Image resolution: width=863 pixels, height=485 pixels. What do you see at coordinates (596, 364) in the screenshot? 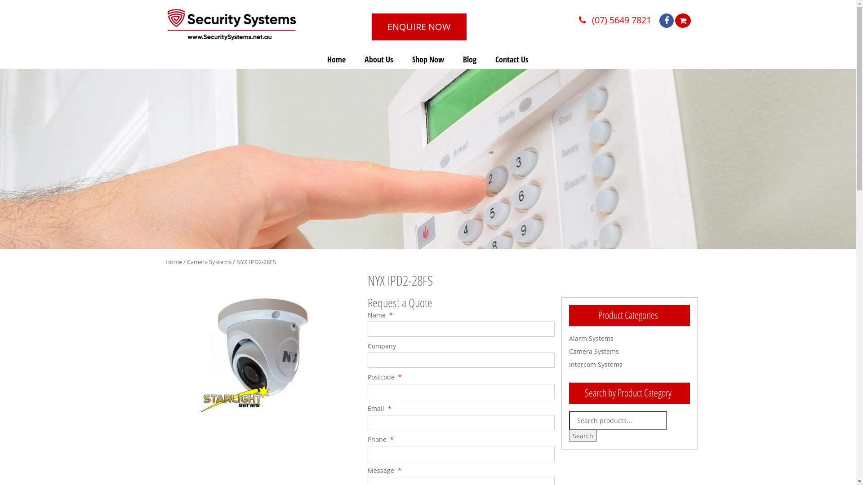
I see `'Intercom Systems'` at bounding box center [596, 364].